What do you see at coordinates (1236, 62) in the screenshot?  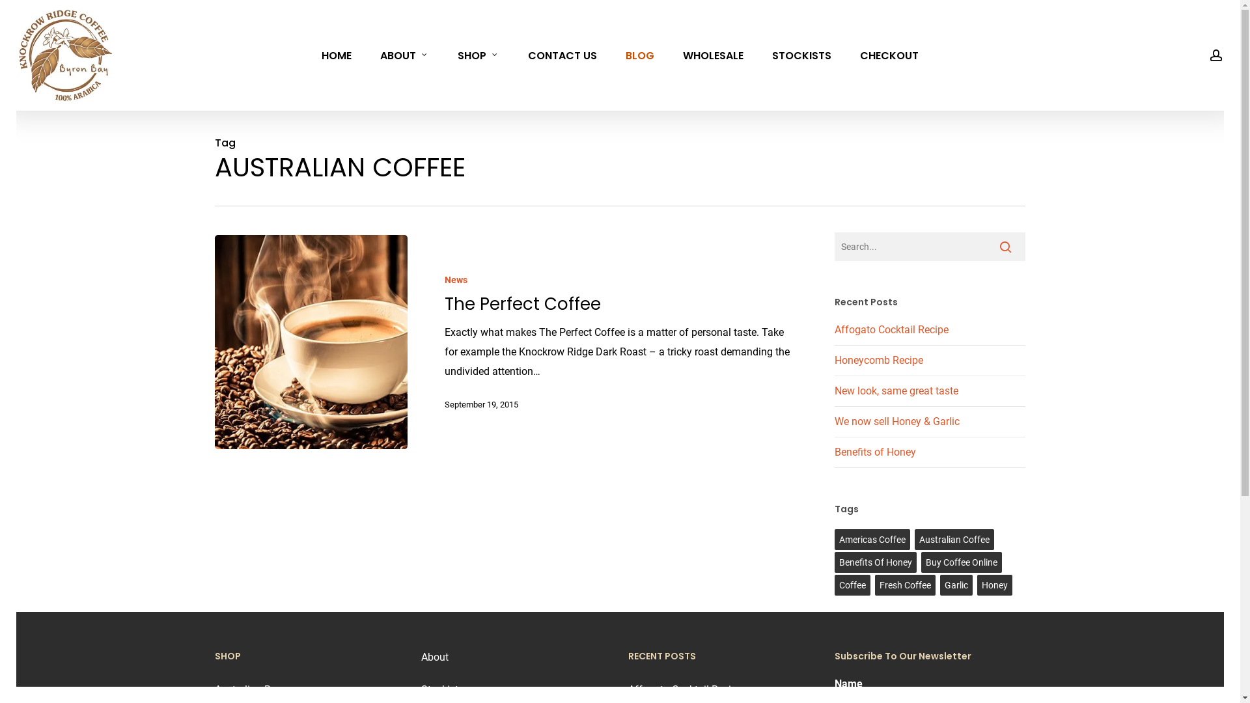 I see `'0'` at bounding box center [1236, 62].